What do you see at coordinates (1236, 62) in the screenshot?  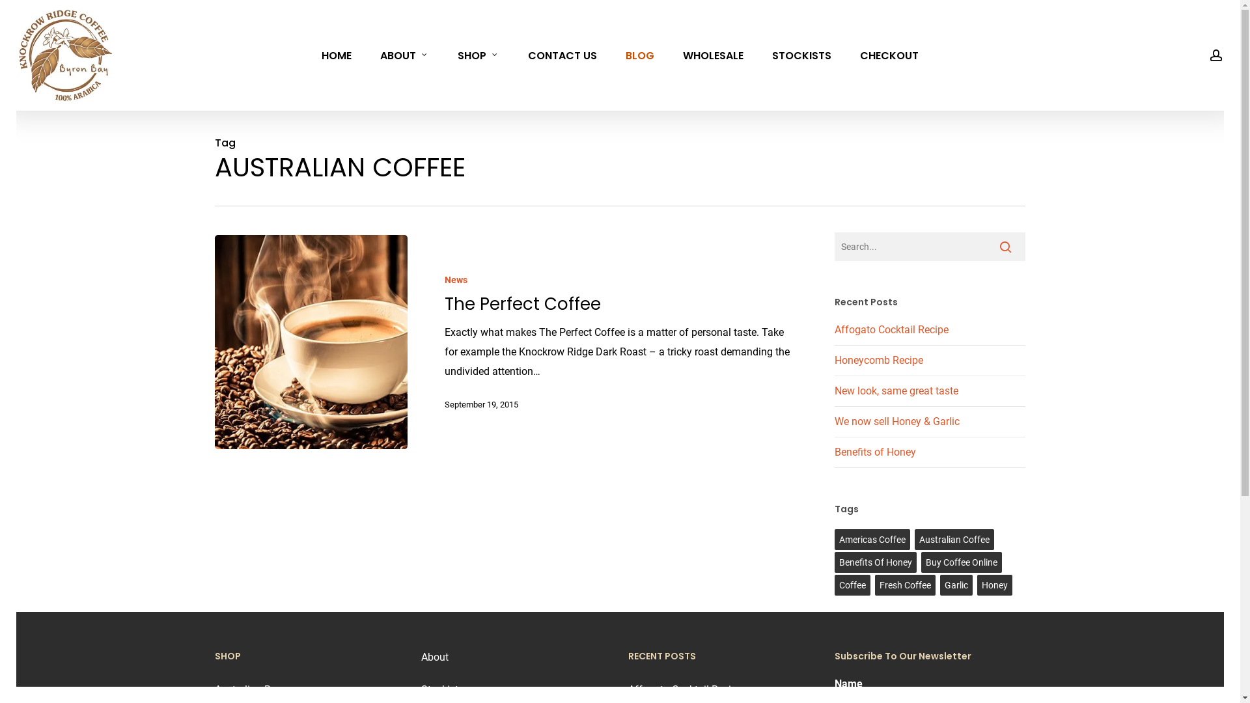 I see `'0'` at bounding box center [1236, 62].